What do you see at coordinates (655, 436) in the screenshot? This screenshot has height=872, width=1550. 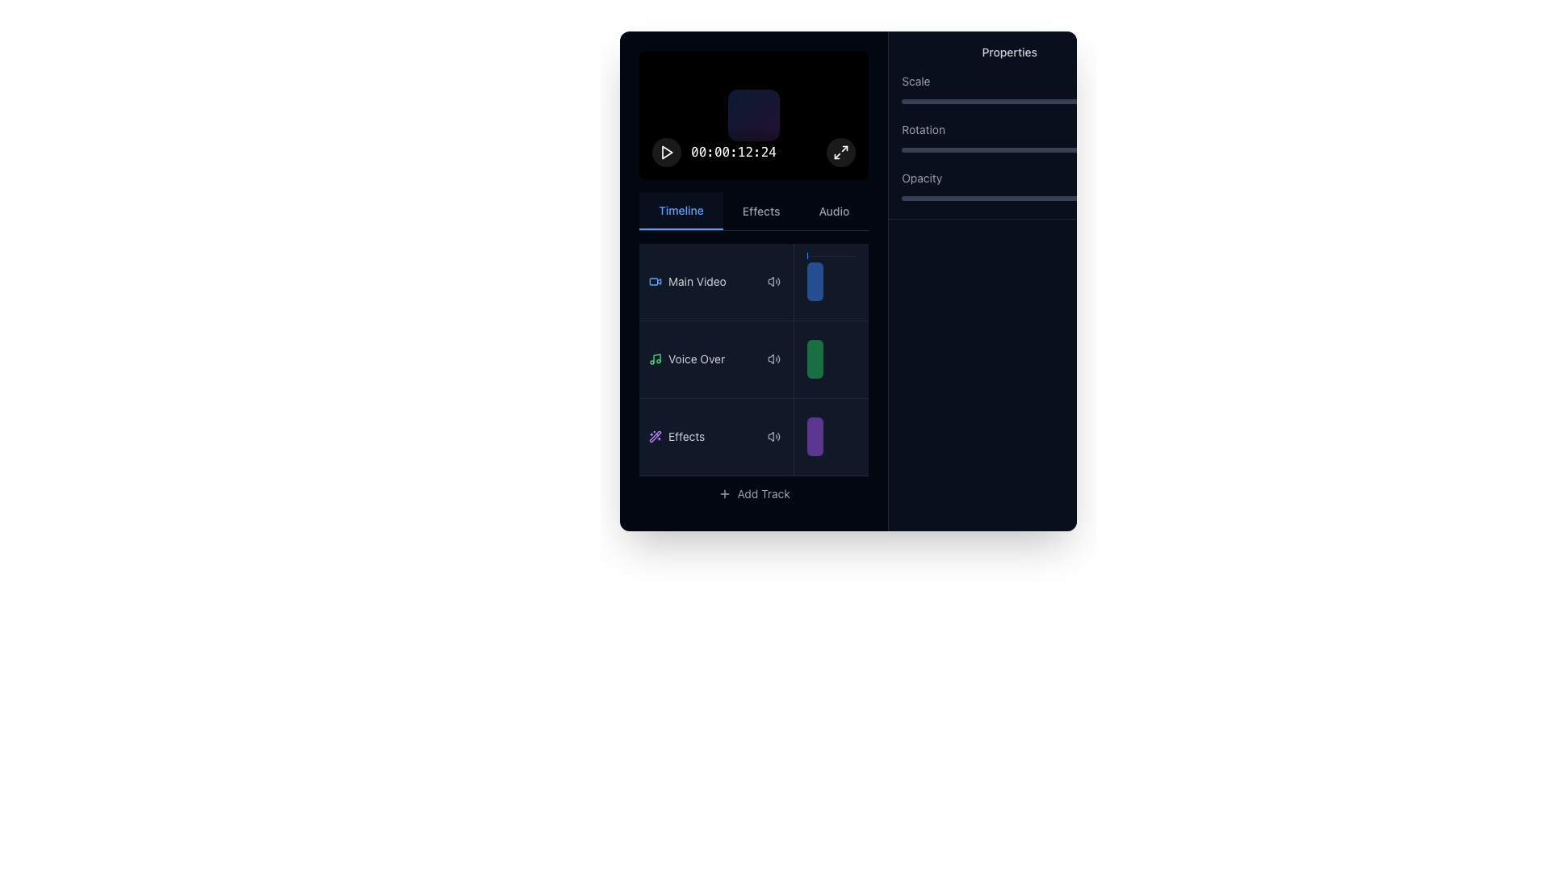 I see `the small purple wand icon with sparkles located to the left of the 'Effects' label by moving the cursor over it` at bounding box center [655, 436].